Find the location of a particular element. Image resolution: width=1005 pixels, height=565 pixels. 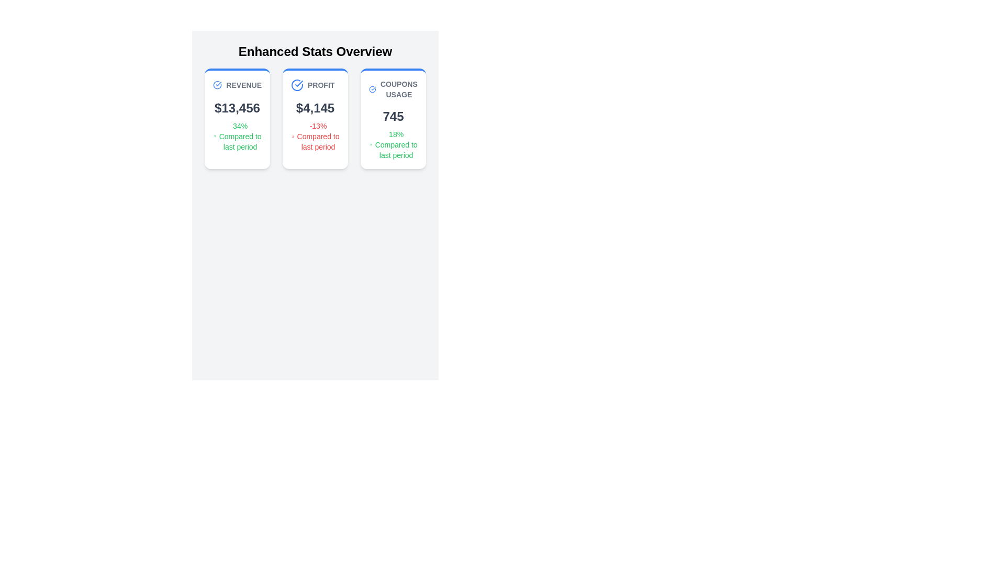

the circular graphic icon with a checkmark inside, which has a blue border and is located to the left of the 'Coupons Usage' text in the top-right card of the statistics group is located at coordinates (372, 88).